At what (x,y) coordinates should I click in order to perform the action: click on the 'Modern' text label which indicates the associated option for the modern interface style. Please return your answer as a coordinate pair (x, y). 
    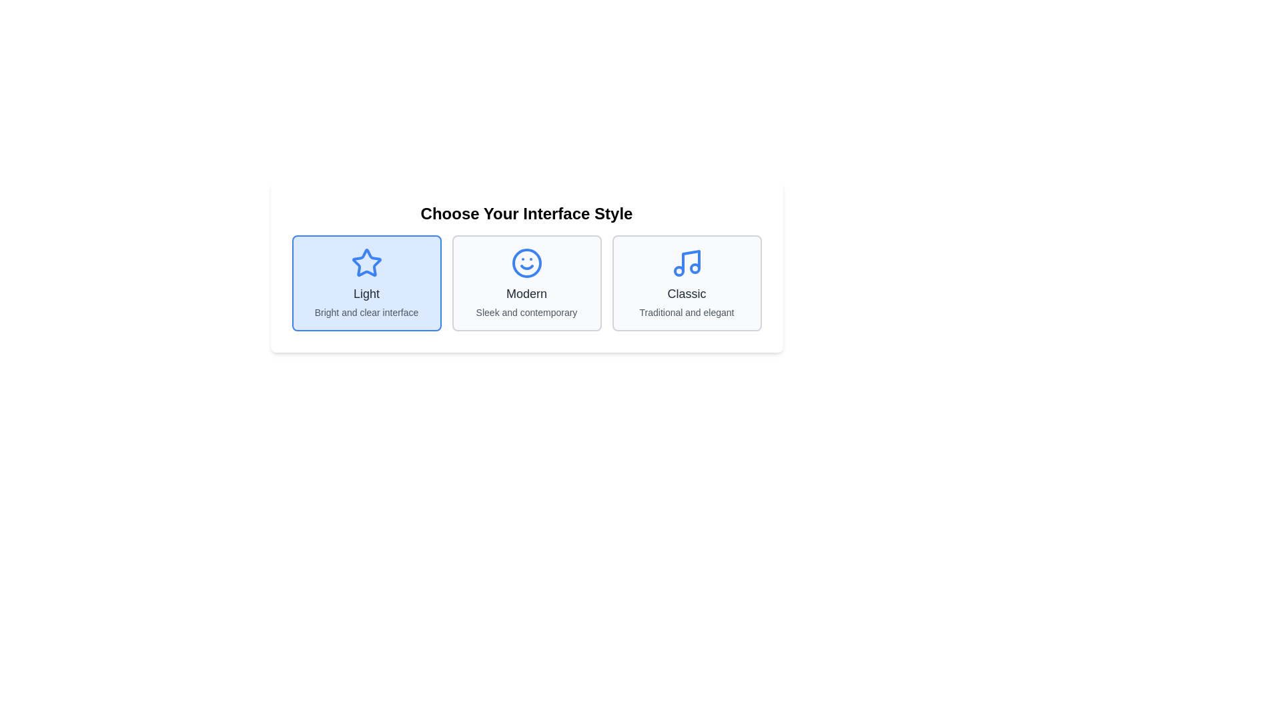
    Looking at the image, I should click on (526, 293).